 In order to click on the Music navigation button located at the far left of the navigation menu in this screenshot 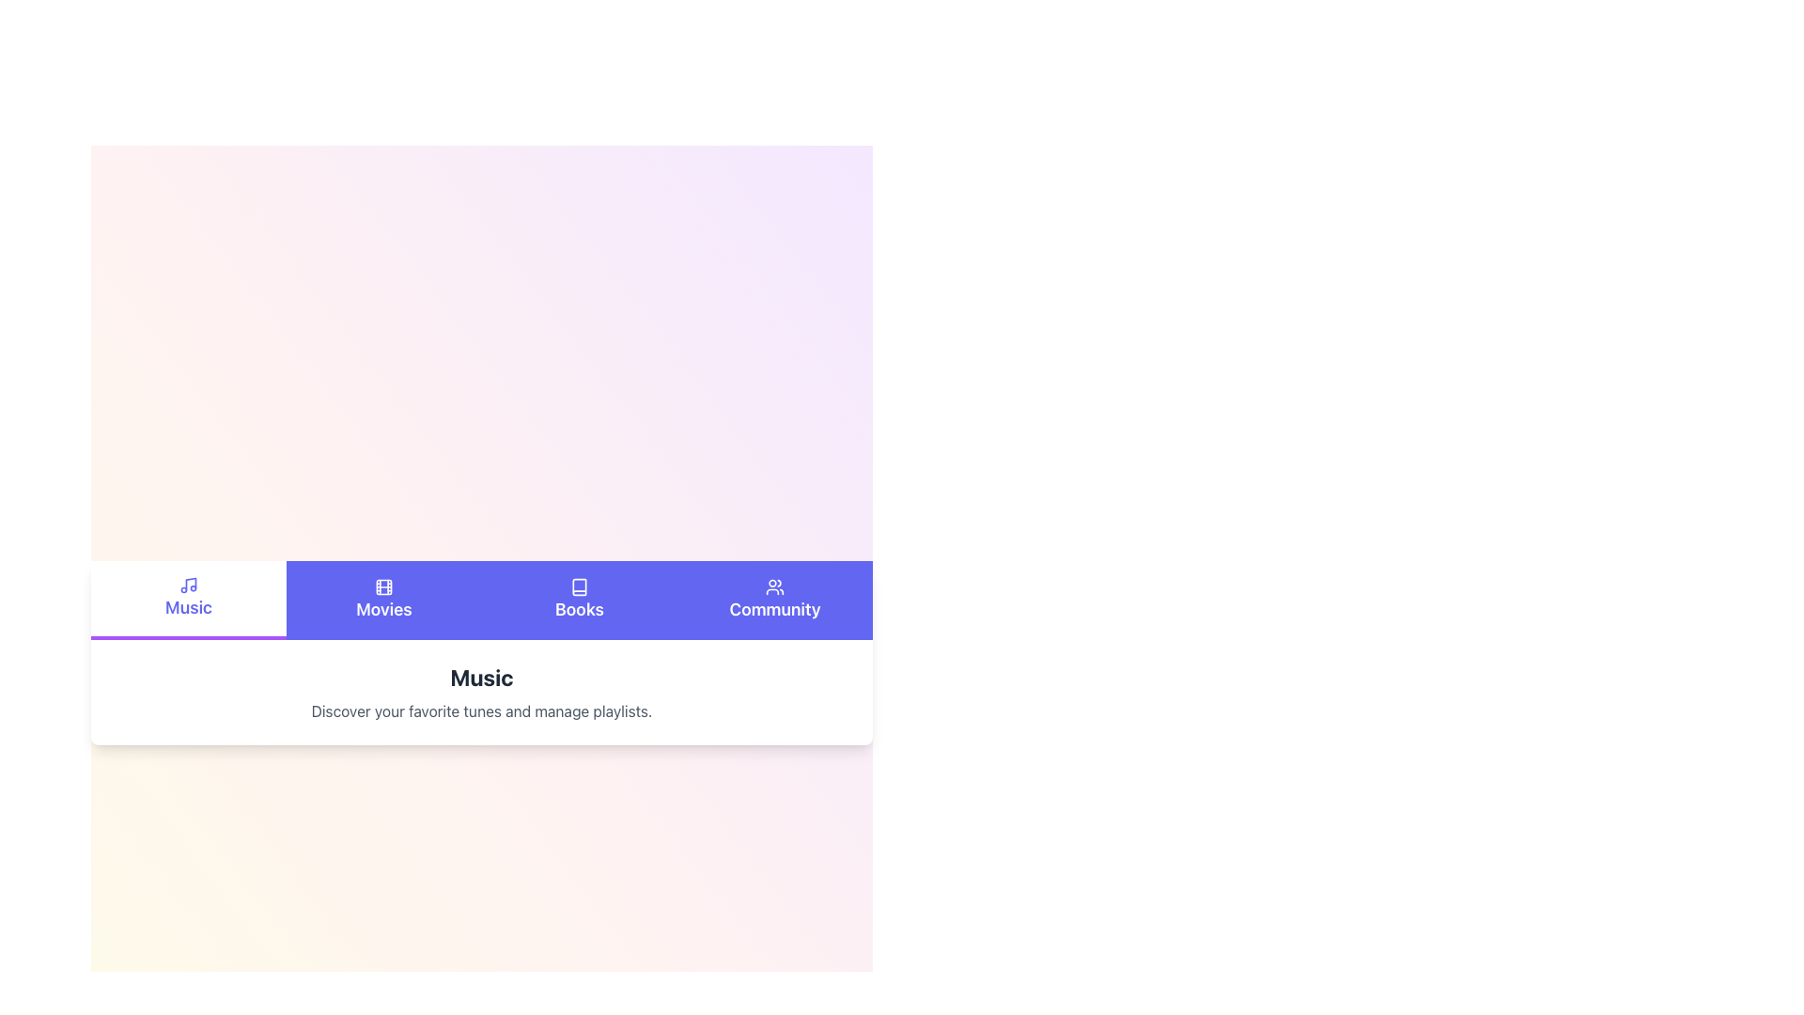, I will do `click(189, 601)`.